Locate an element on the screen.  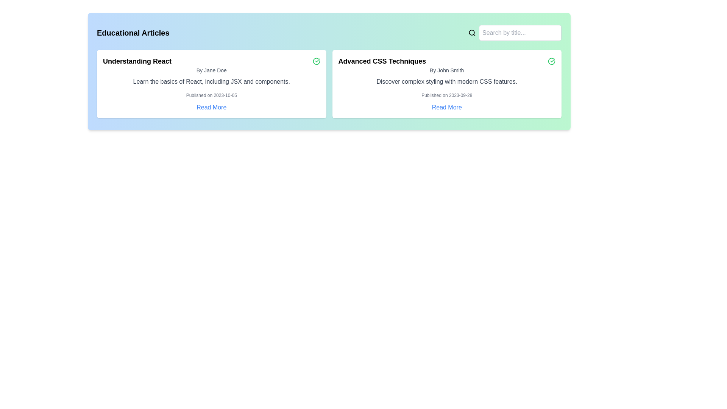
the static text element that reads 'Discover complex styling with modern CSS features,' which is styled in gray font and positioned within a white card, located directly below the author's name 'By John Smith.' is located at coordinates (447, 82).